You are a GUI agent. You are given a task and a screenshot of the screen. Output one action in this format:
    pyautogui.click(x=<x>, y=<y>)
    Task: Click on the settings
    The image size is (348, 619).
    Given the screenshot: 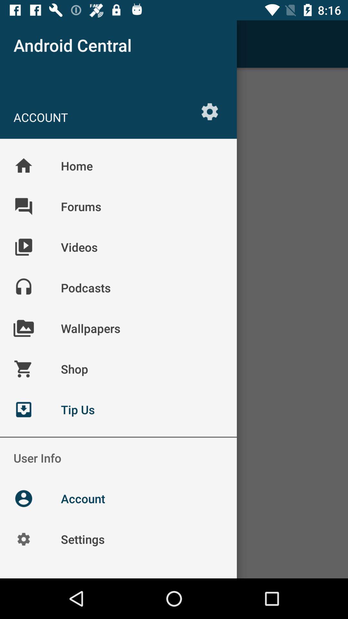 What is the action you would take?
    pyautogui.click(x=210, y=112)
    